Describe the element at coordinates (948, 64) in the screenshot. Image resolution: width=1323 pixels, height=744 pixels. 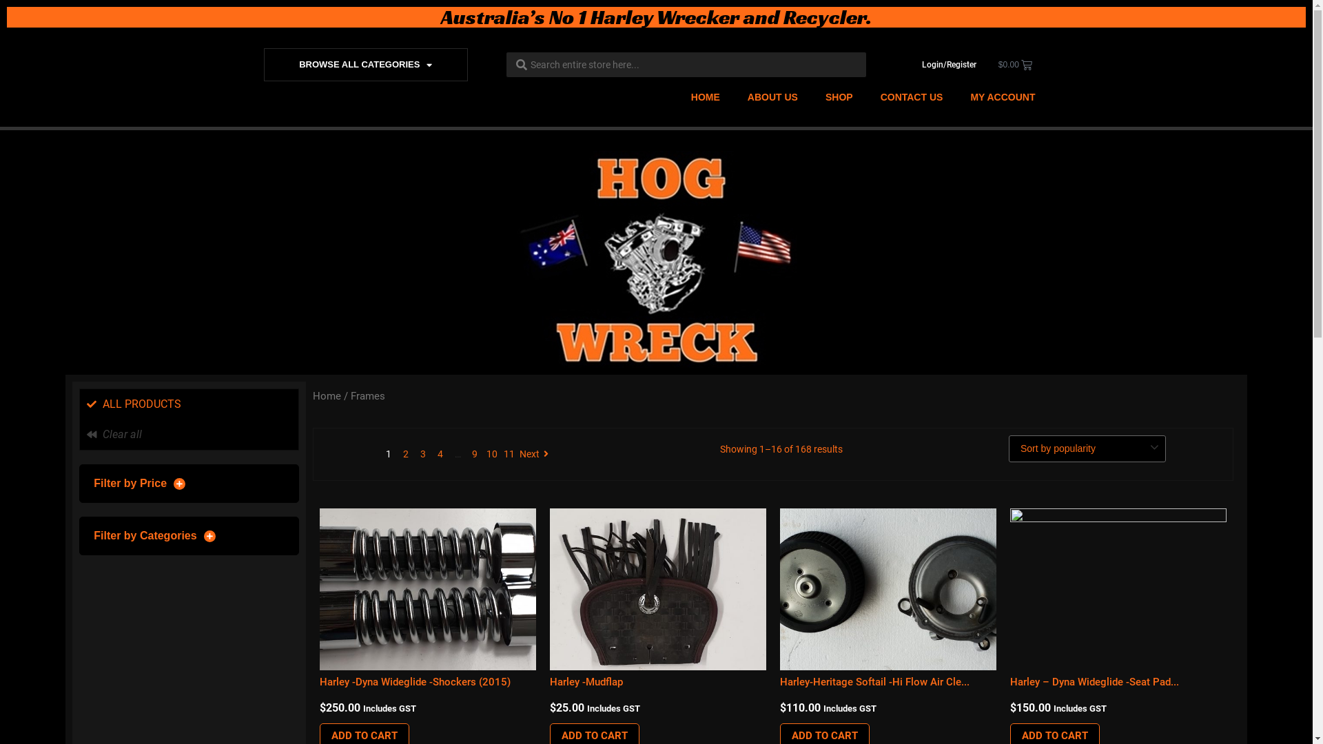
I see `'Login/Register'` at that location.